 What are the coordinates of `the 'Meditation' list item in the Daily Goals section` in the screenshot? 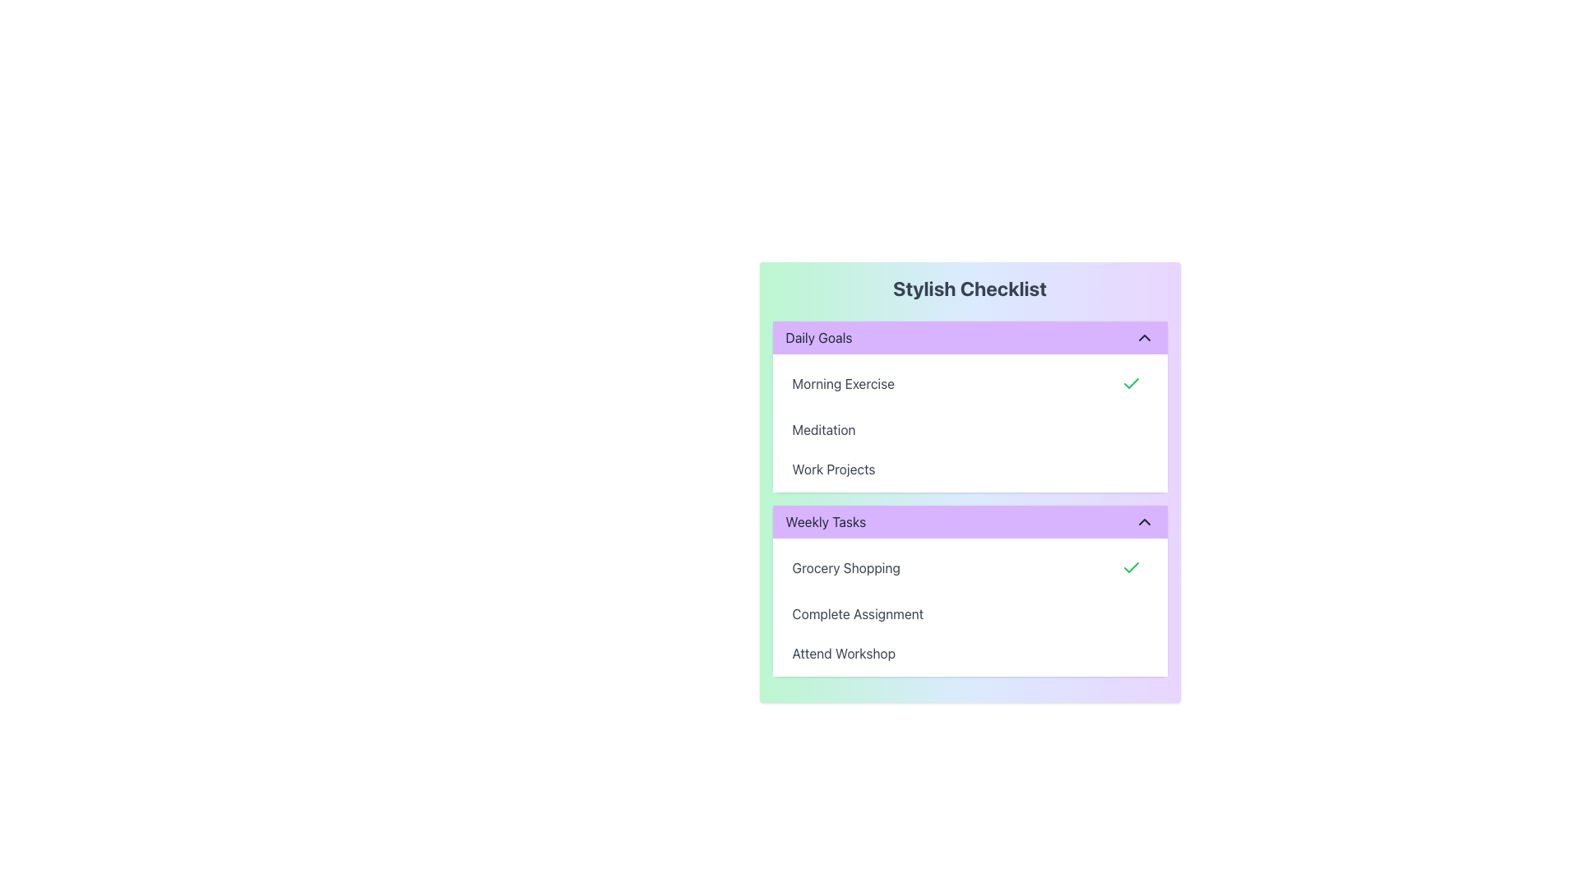 It's located at (970, 429).